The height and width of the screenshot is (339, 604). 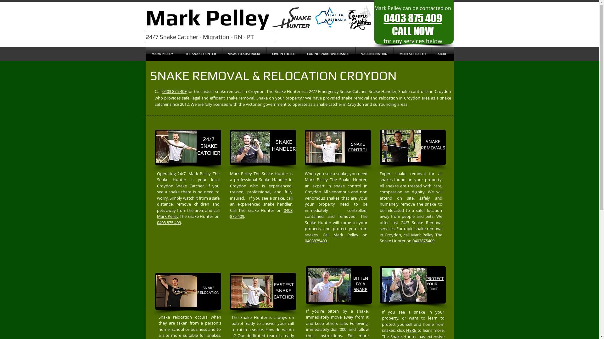 I want to click on 'MARK PELLEY', so click(x=162, y=53).